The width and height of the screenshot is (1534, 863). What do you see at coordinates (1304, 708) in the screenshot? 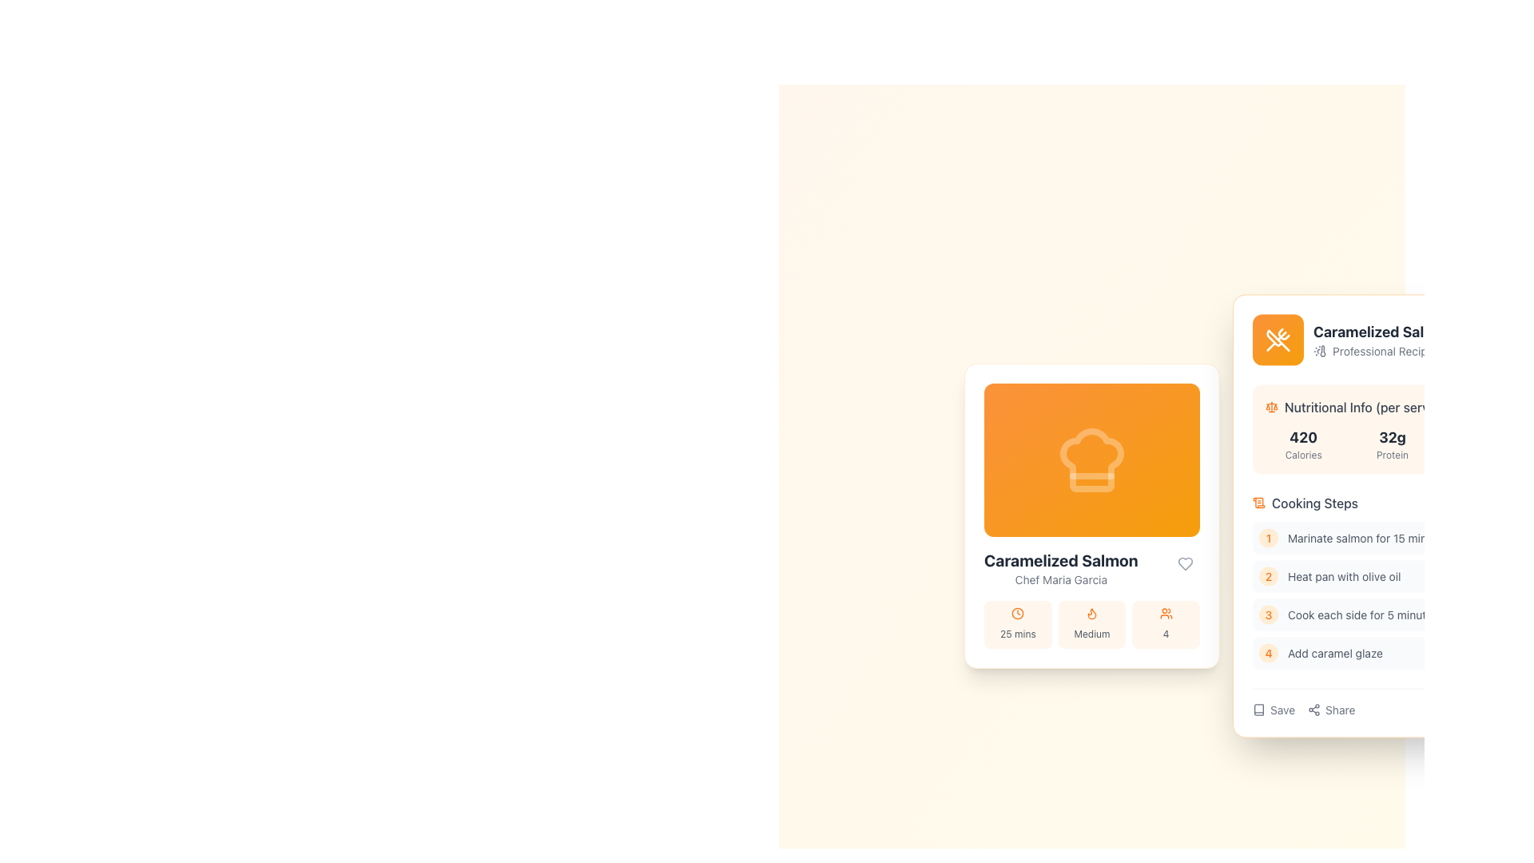
I see `the 'Save' option in the Interactive Menu at the bottom of the detailed recipe panel to bookmark the recipe` at bounding box center [1304, 708].